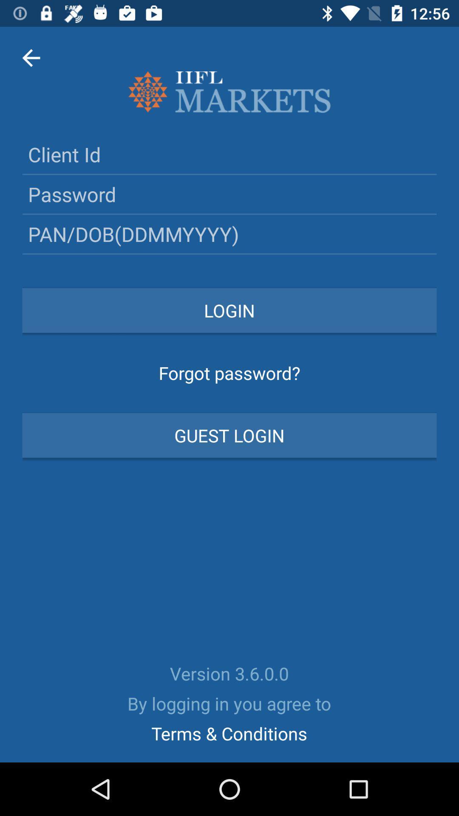 The width and height of the screenshot is (459, 816). What do you see at coordinates (229, 234) in the screenshot?
I see `date of birth` at bounding box center [229, 234].